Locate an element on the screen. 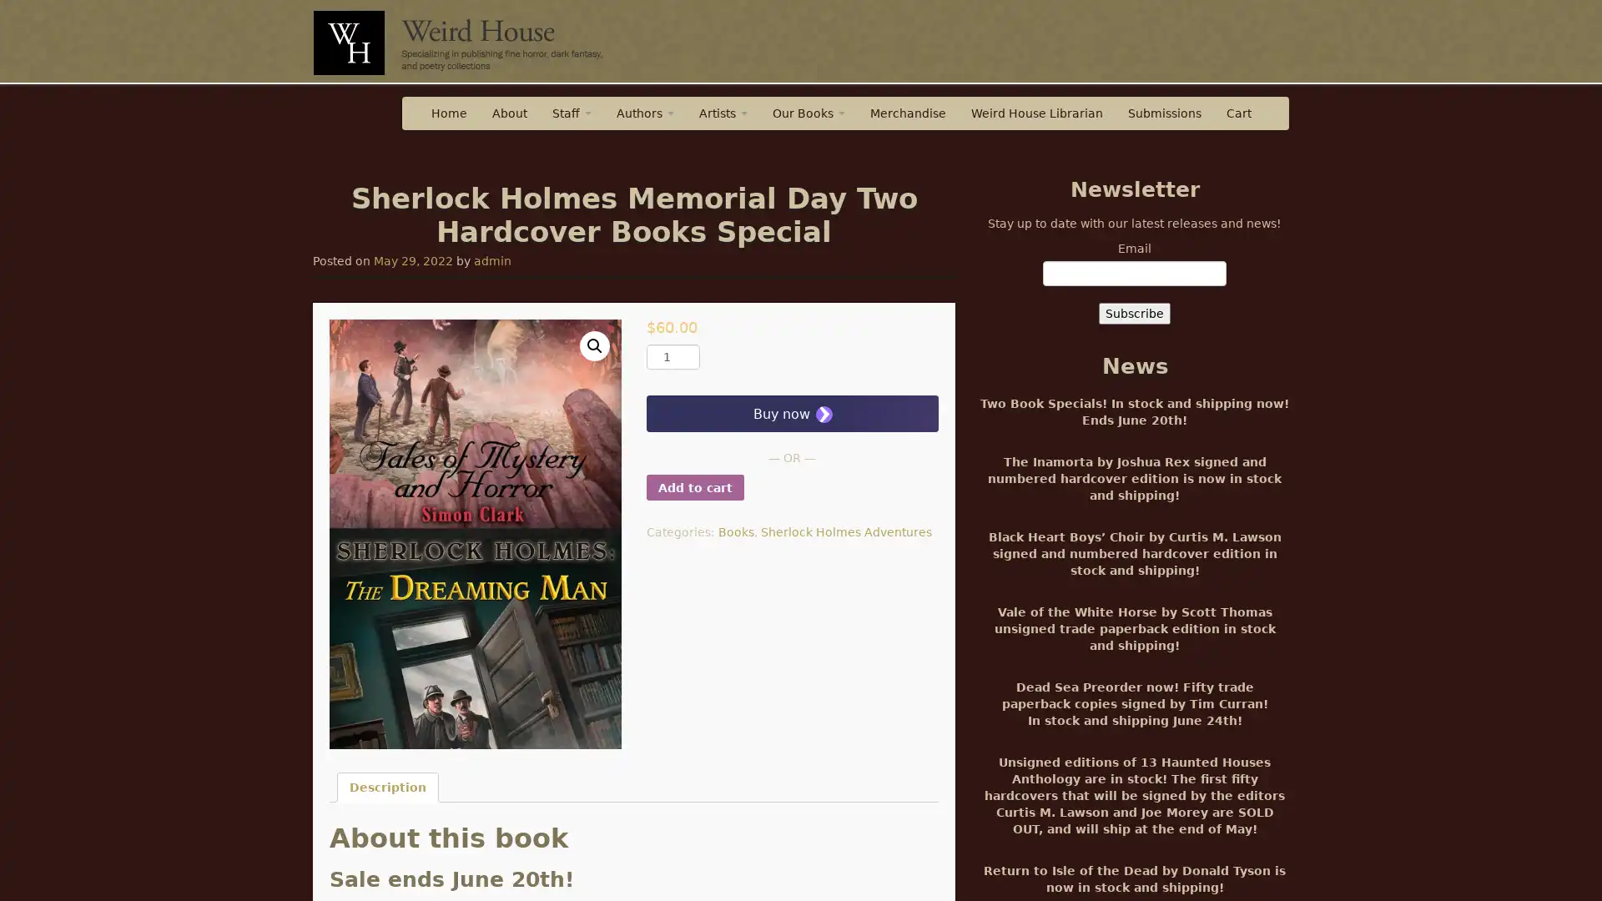 The height and width of the screenshot is (901, 1602). Subscribe is located at coordinates (1134, 313).